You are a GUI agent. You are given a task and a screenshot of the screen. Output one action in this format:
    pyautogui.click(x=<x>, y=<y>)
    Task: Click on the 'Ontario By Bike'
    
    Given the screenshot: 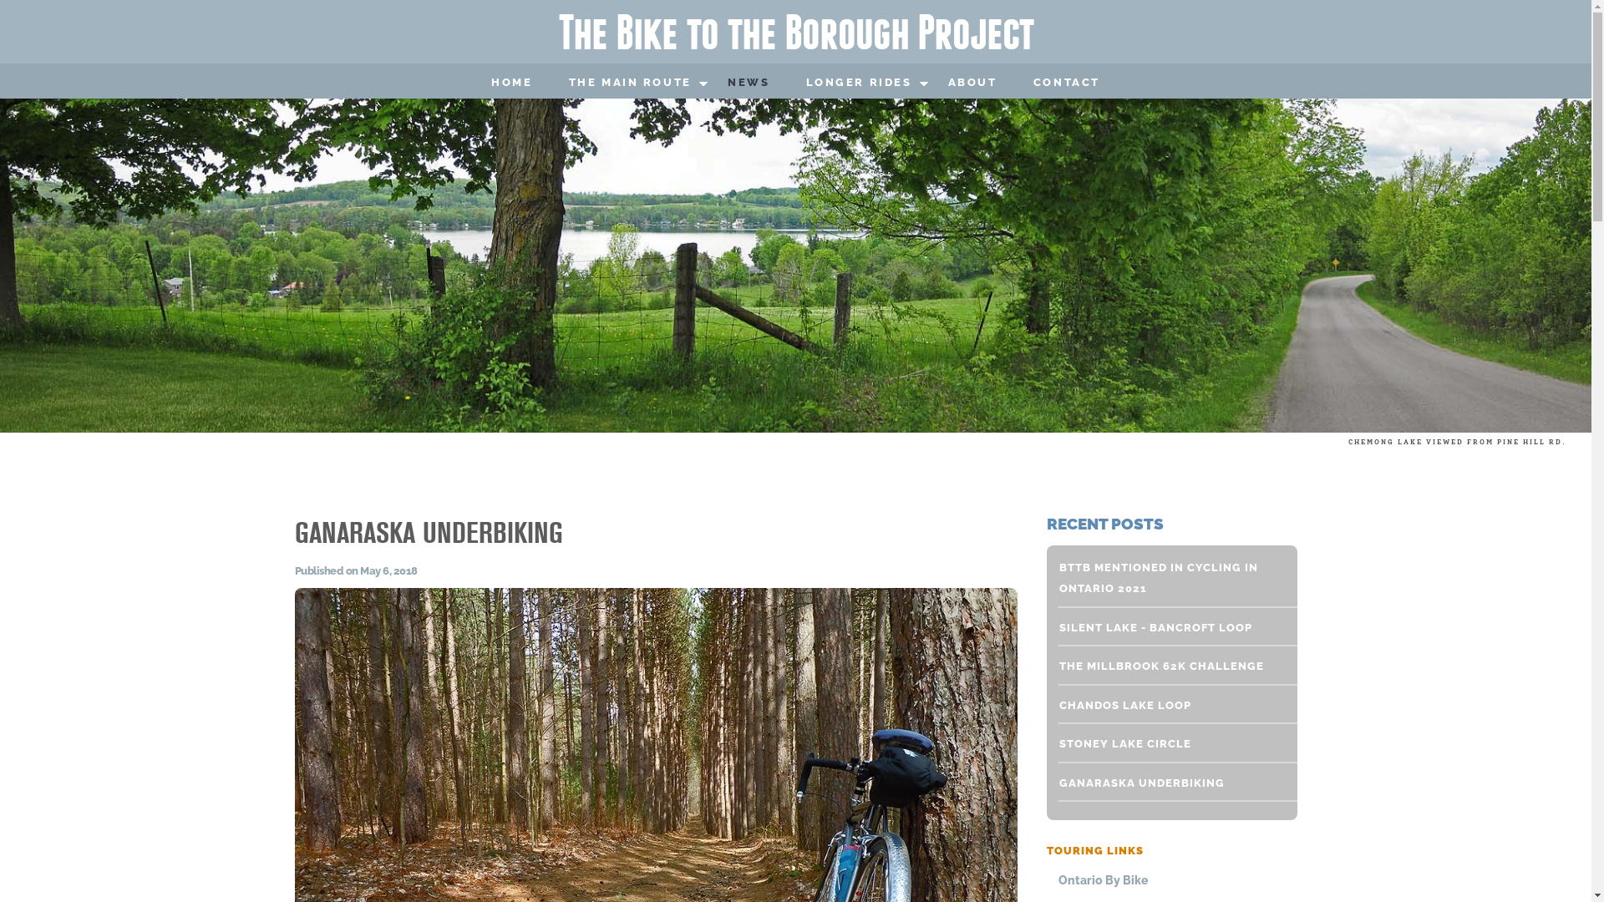 What is the action you would take?
    pyautogui.click(x=1172, y=879)
    